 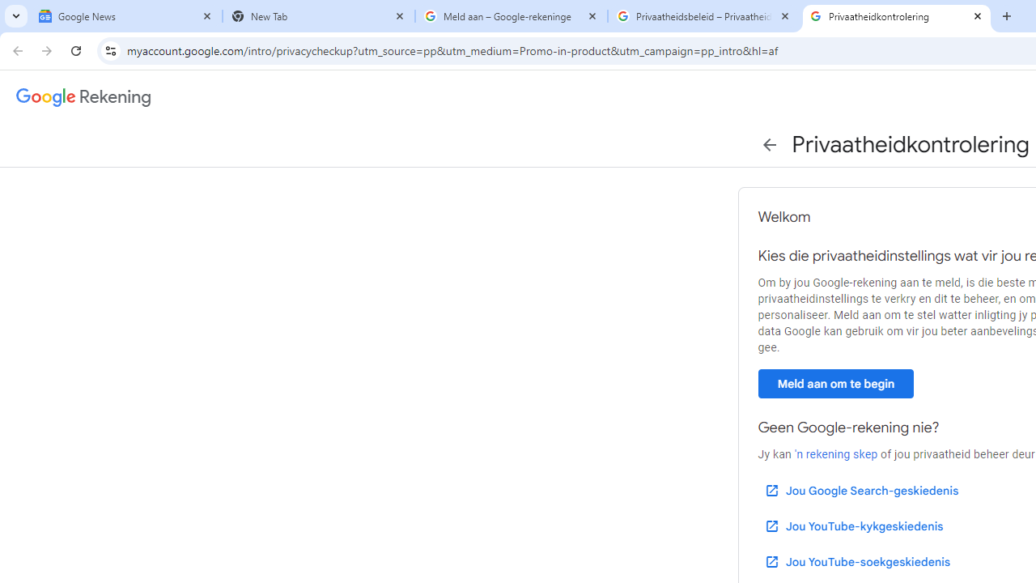 I want to click on 'Google News', so click(x=125, y=16).